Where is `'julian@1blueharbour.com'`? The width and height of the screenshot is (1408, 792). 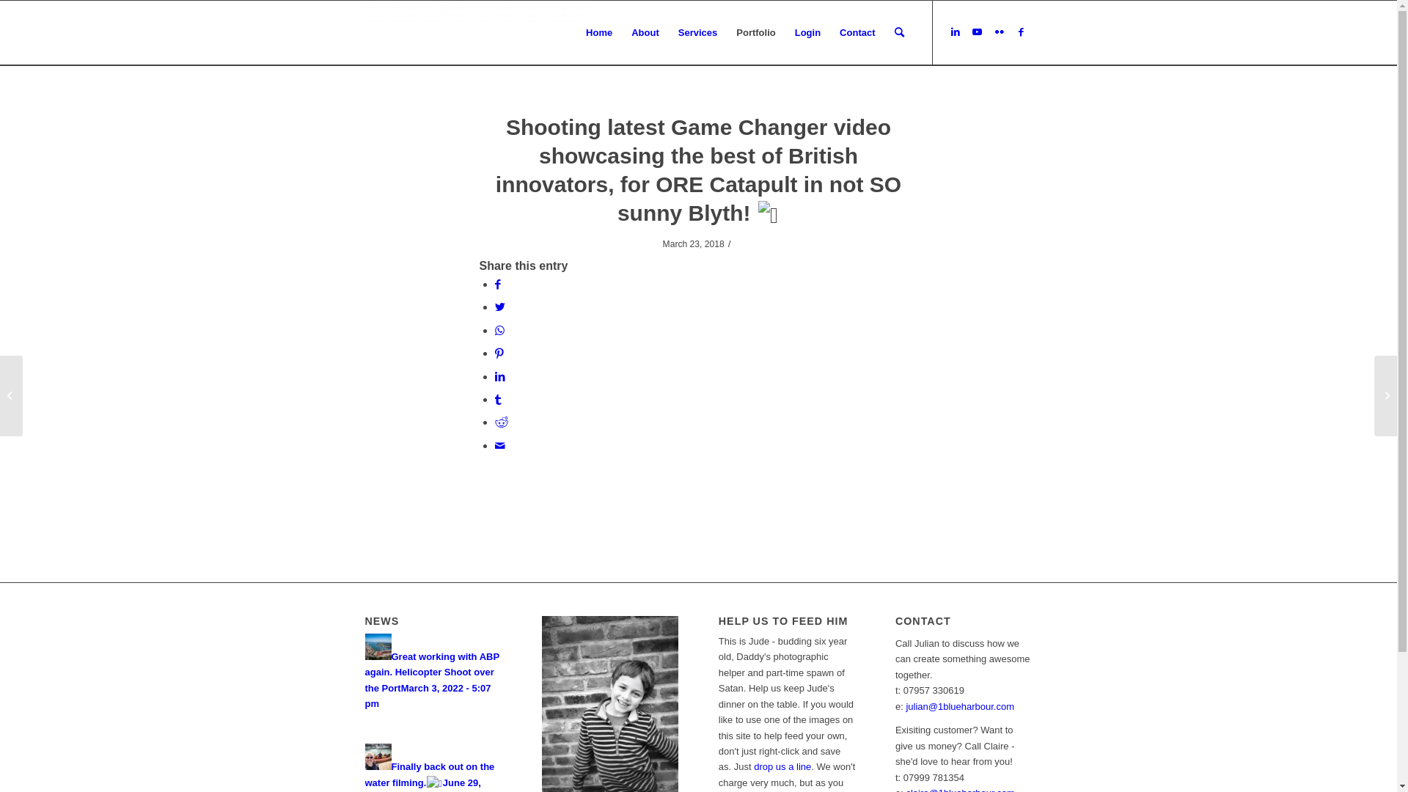 'julian@1blueharbour.com' is located at coordinates (904, 705).